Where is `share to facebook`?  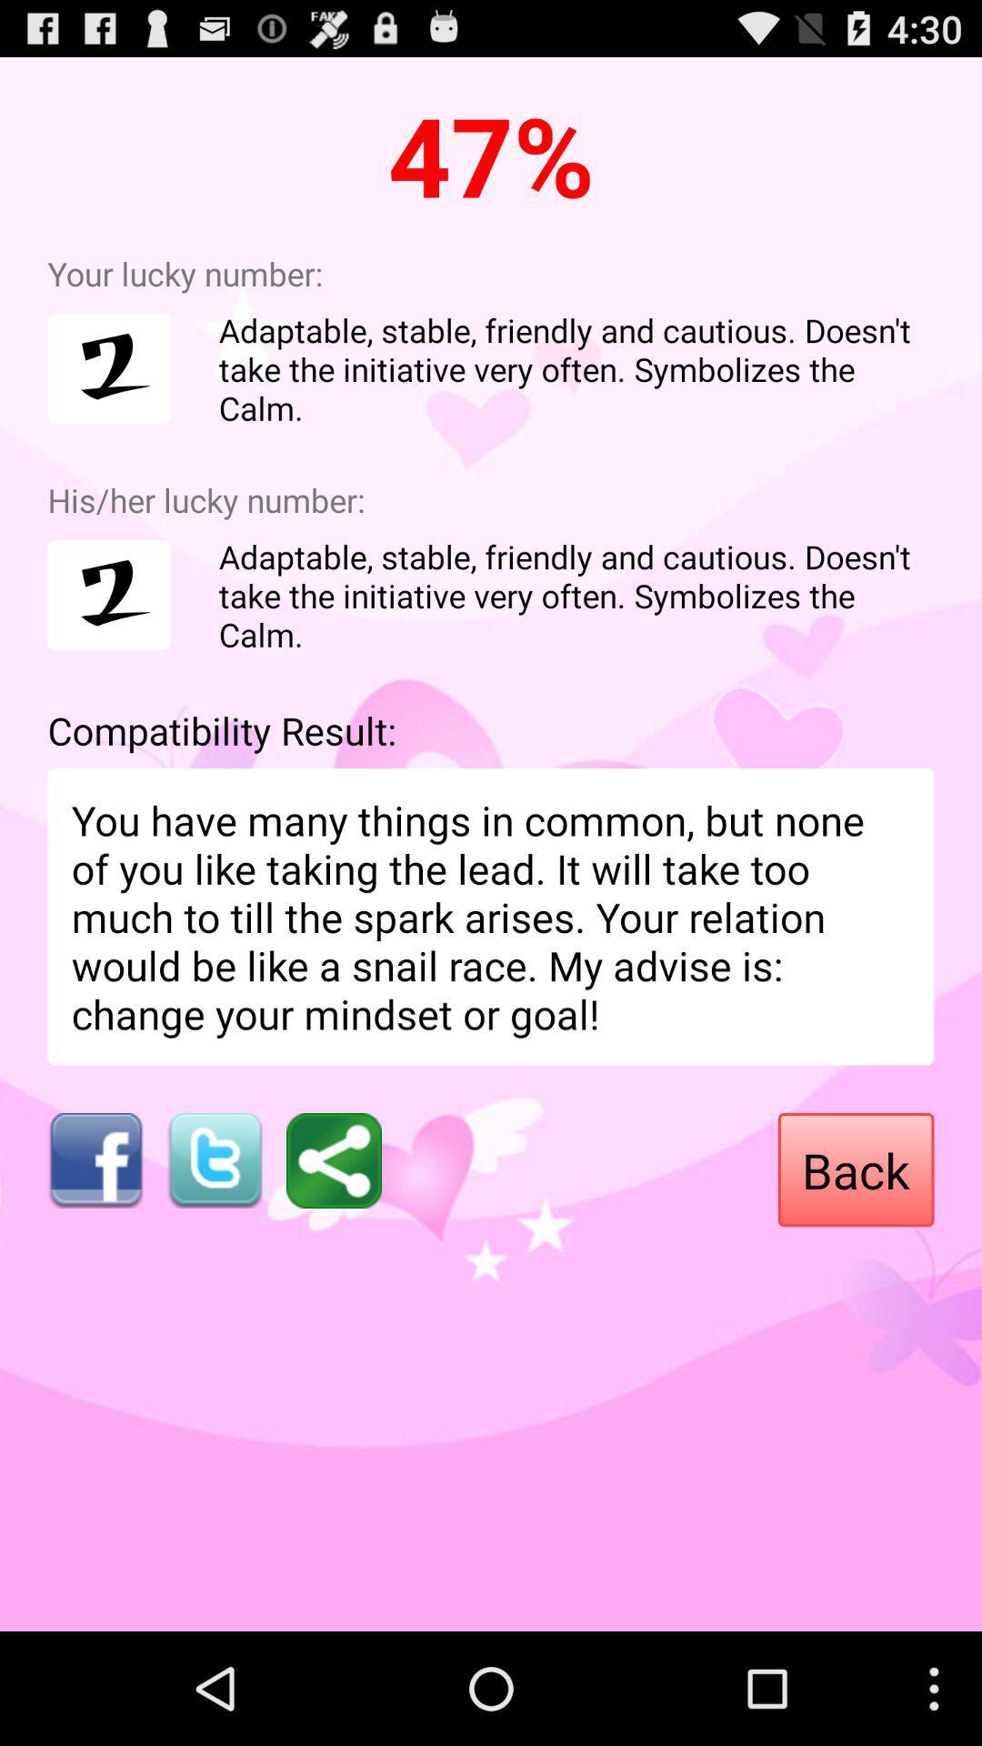
share to facebook is located at coordinates (95, 1159).